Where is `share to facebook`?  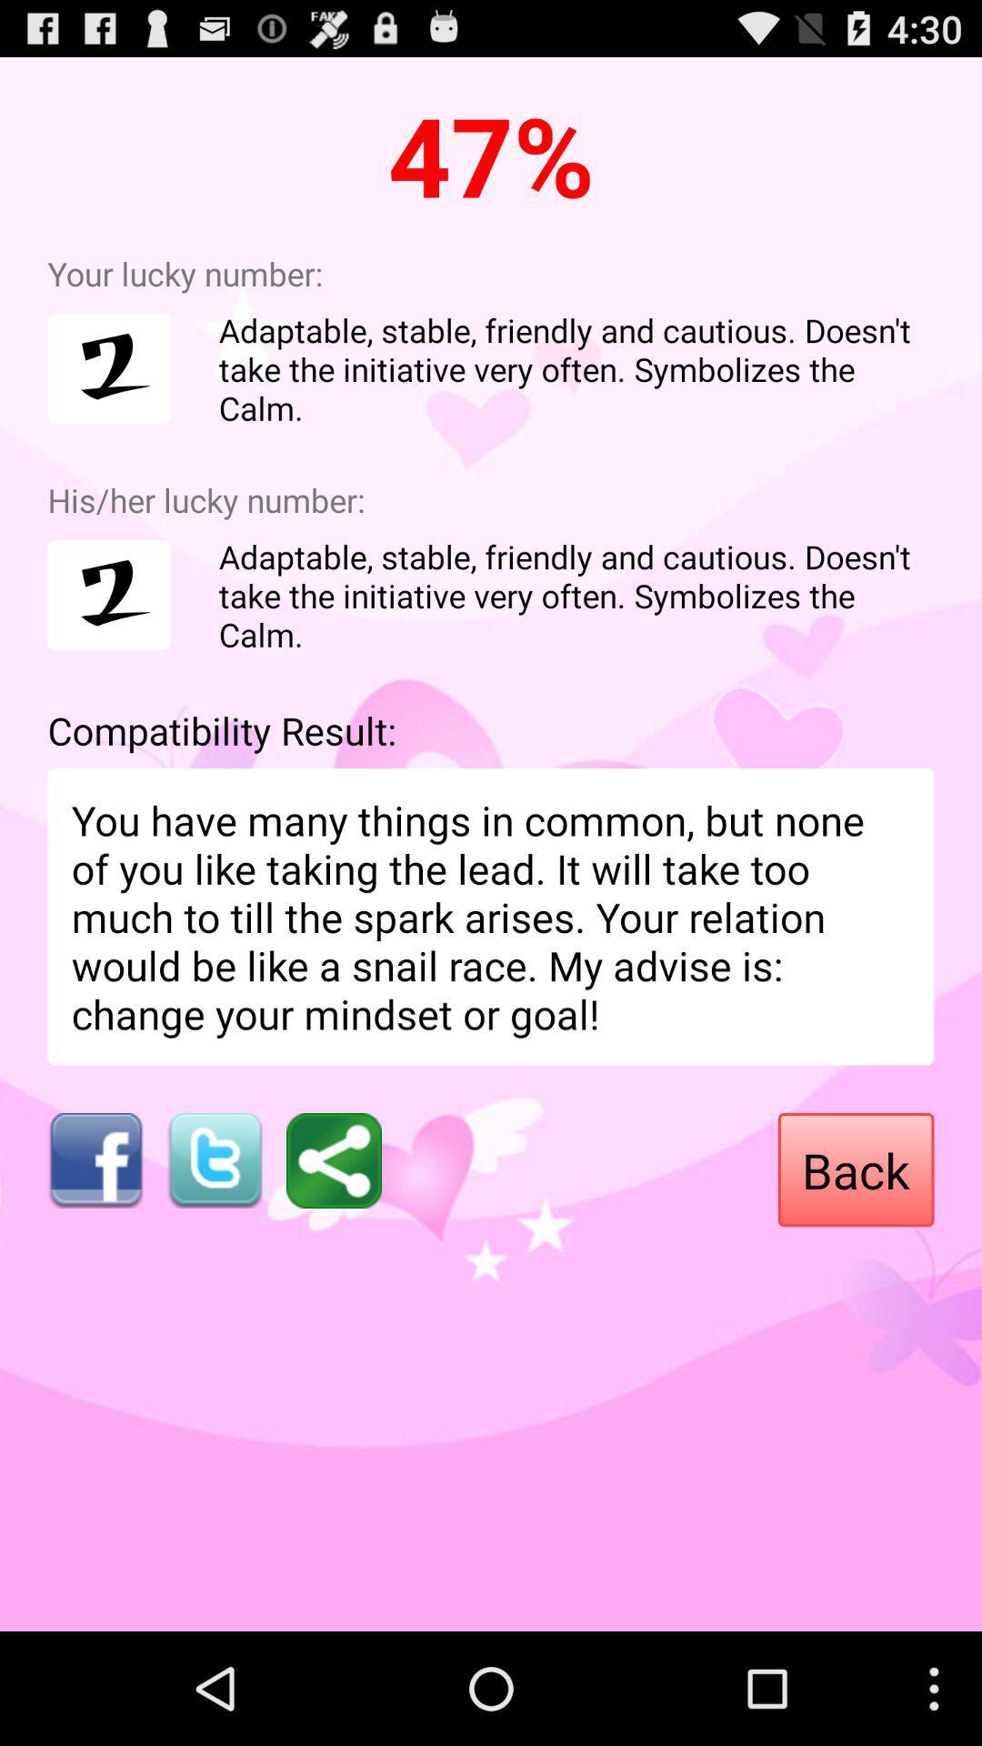
share to facebook is located at coordinates (95, 1159).